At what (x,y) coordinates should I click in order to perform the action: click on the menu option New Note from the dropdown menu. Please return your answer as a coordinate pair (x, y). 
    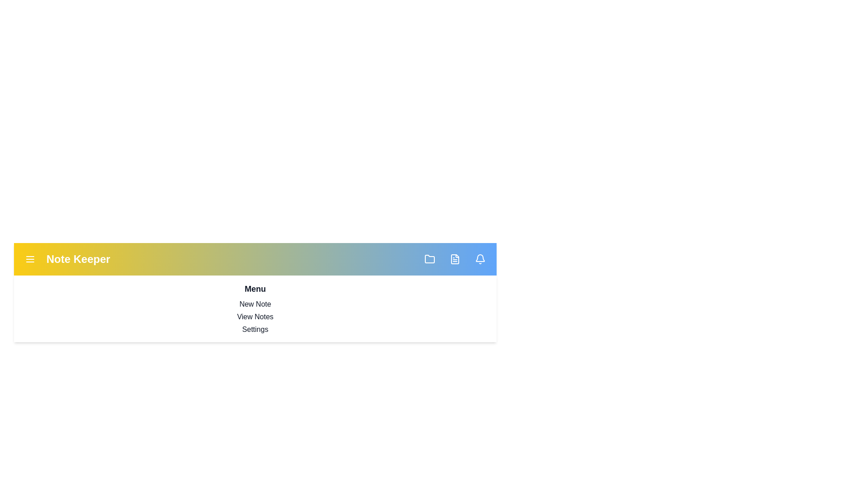
    Looking at the image, I should click on (255, 304).